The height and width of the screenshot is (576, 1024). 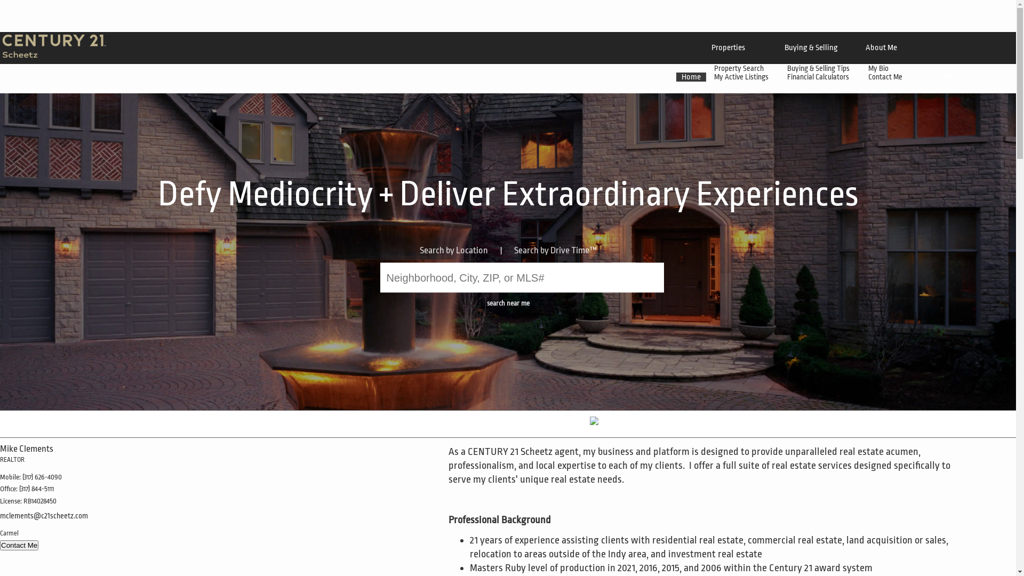 What do you see at coordinates (43, 515) in the screenshot?
I see `'mclements@c21scheetz.com'` at bounding box center [43, 515].